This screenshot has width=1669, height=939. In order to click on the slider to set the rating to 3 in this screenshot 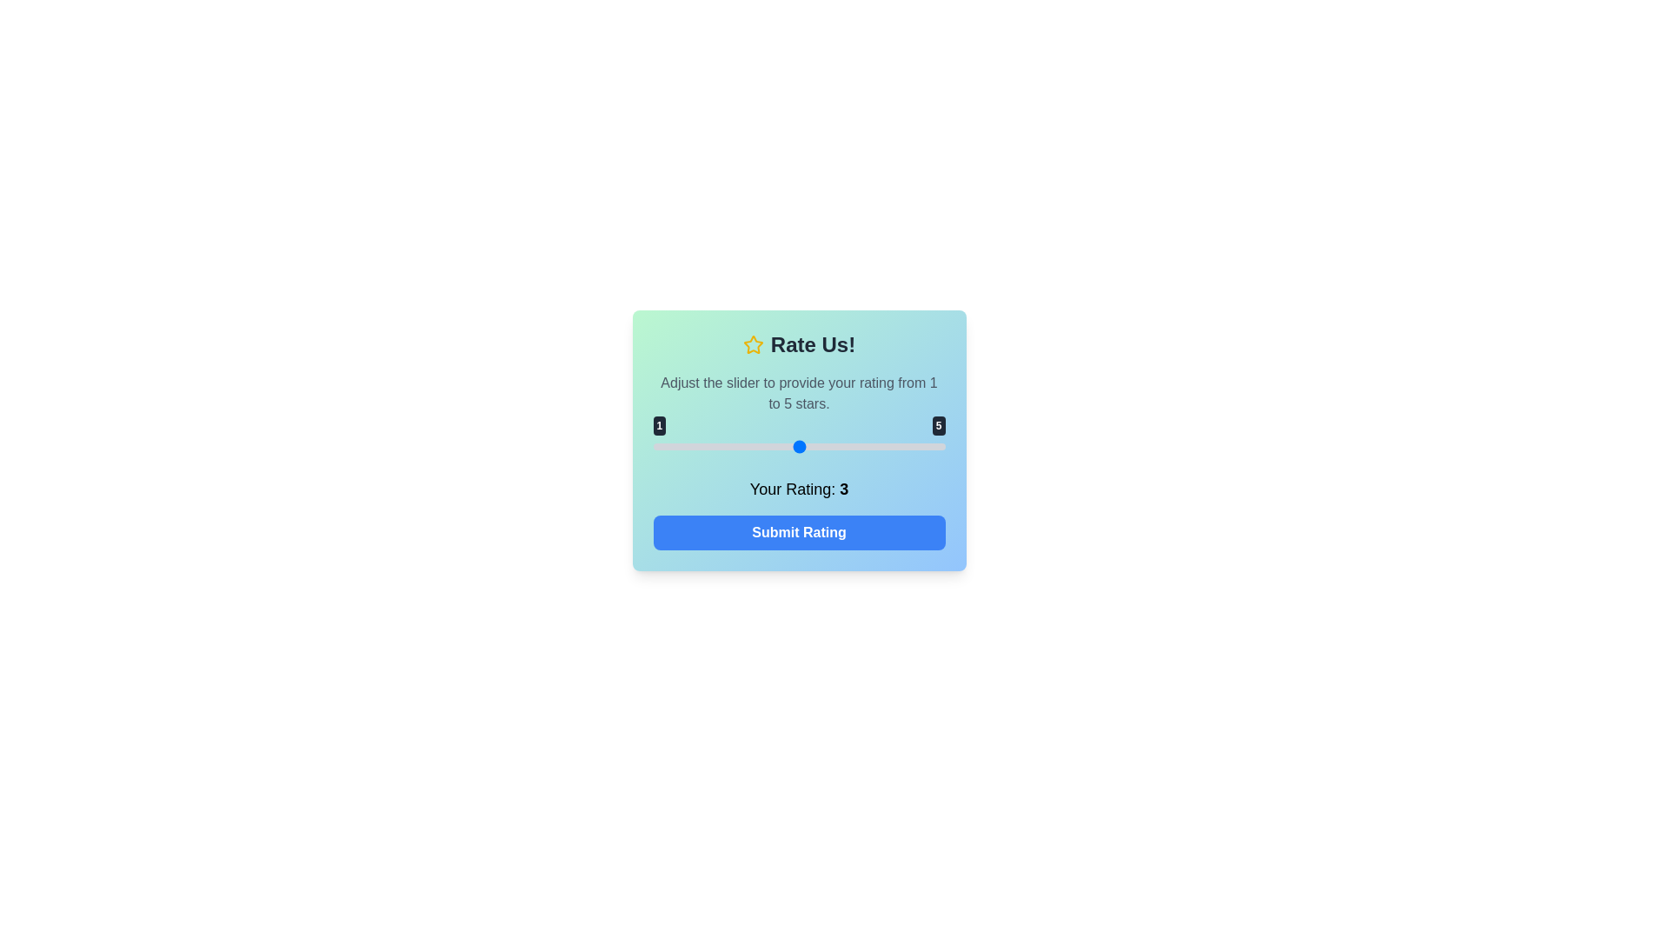, I will do `click(798, 445)`.